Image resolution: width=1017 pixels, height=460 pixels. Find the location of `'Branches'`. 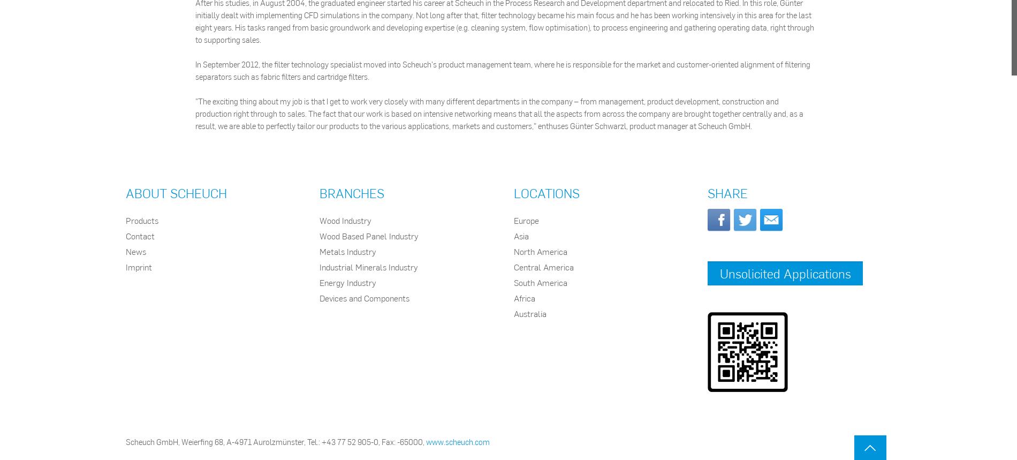

'Branches' is located at coordinates (319, 192).